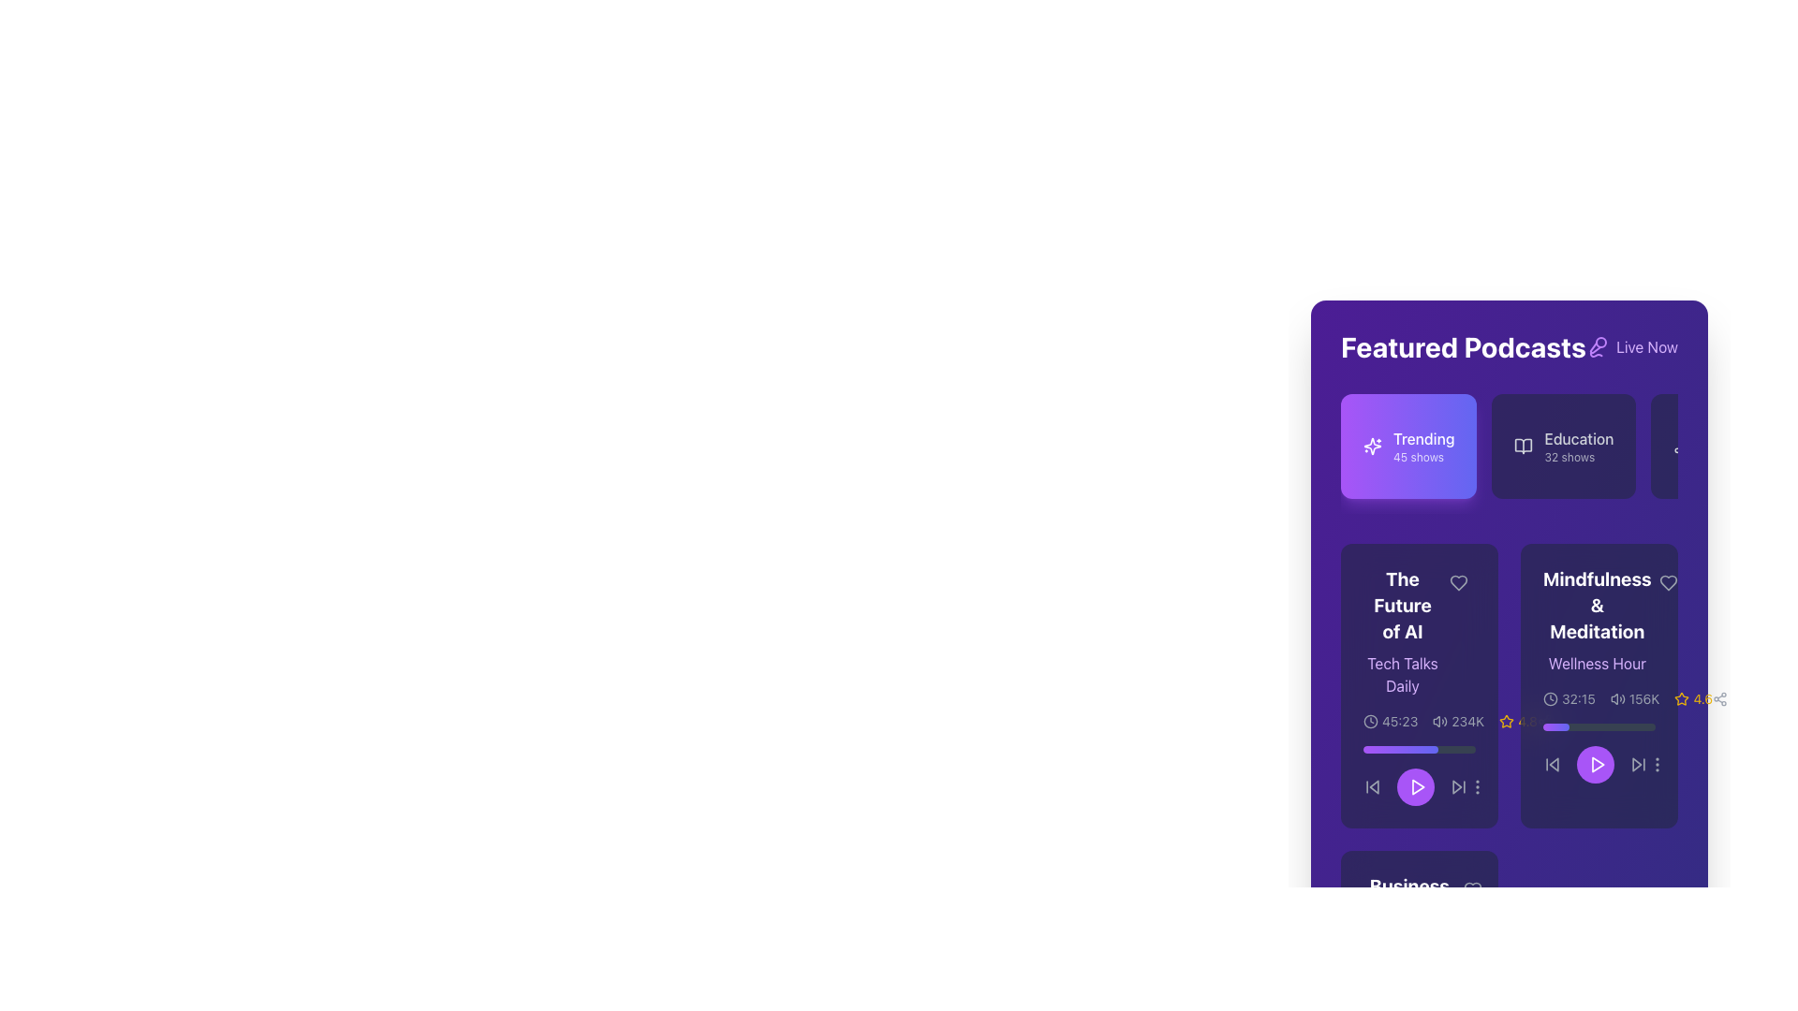 The image size is (1798, 1011). What do you see at coordinates (1418, 786) in the screenshot?
I see `the play icon located in the bottom center of the card labeled 'The Future of AI', which indicates the media playback action` at bounding box center [1418, 786].